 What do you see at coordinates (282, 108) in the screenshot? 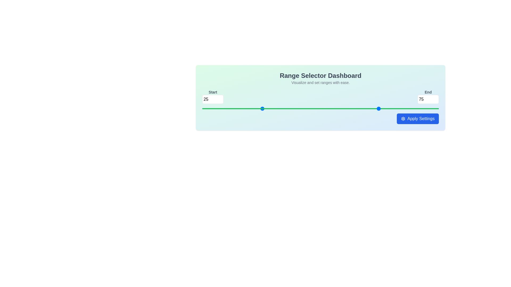
I see `the slider` at bounding box center [282, 108].